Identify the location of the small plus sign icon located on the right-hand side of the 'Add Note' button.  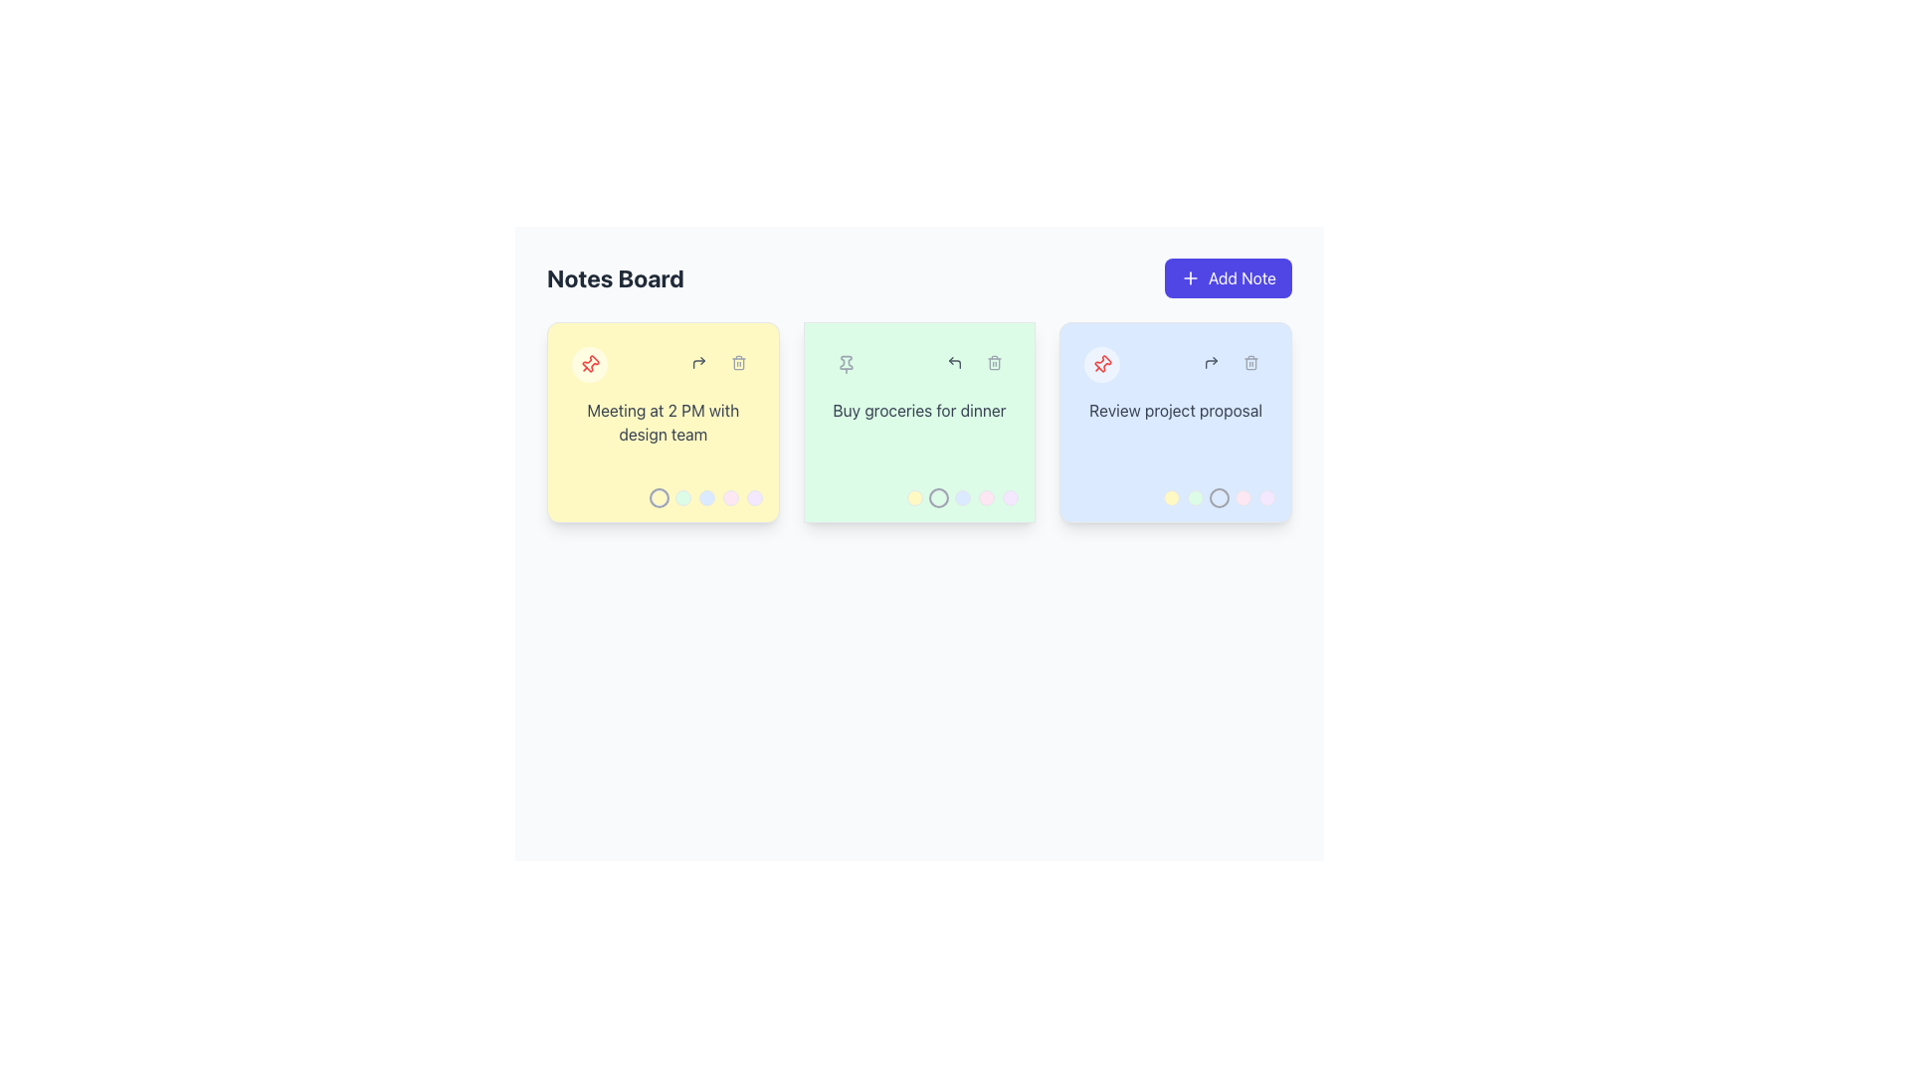
(1190, 278).